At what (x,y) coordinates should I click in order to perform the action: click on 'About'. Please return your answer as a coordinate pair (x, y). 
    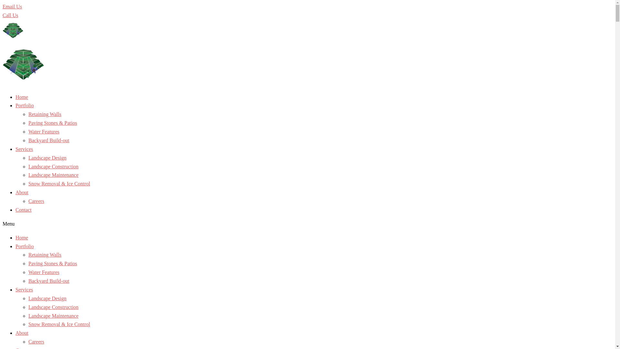
    Looking at the image, I should click on (22, 333).